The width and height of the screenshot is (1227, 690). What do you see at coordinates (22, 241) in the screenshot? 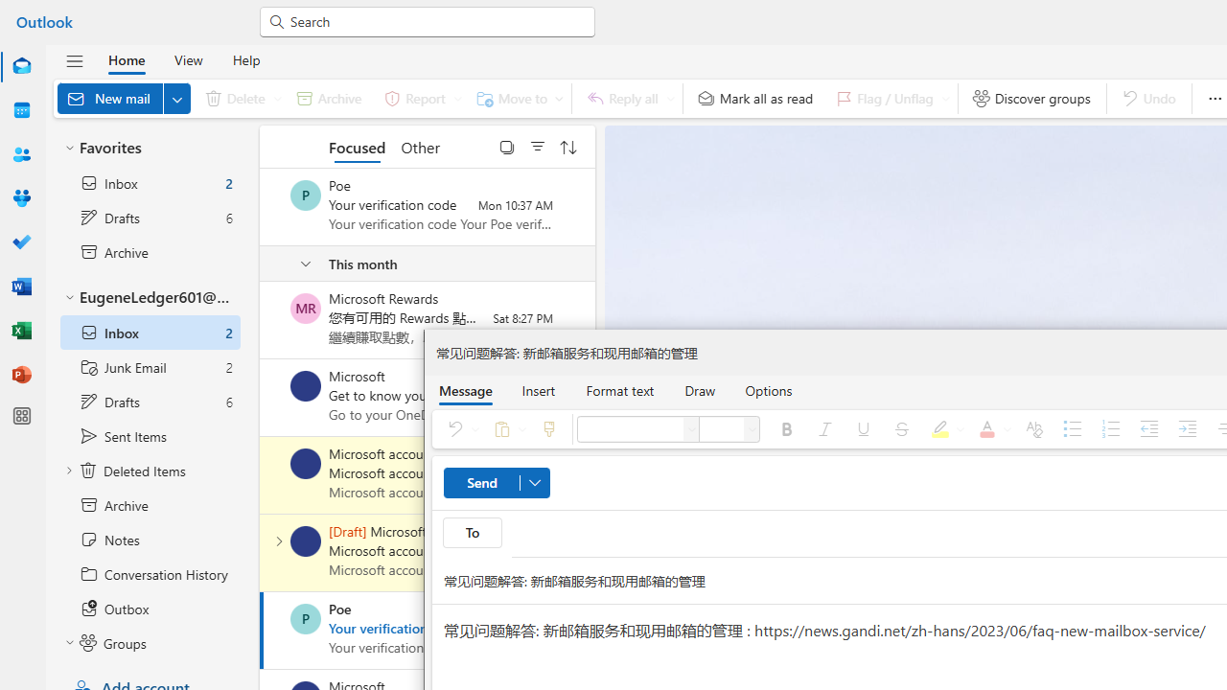
I see `'To Do'` at bounding box center [22, 241].